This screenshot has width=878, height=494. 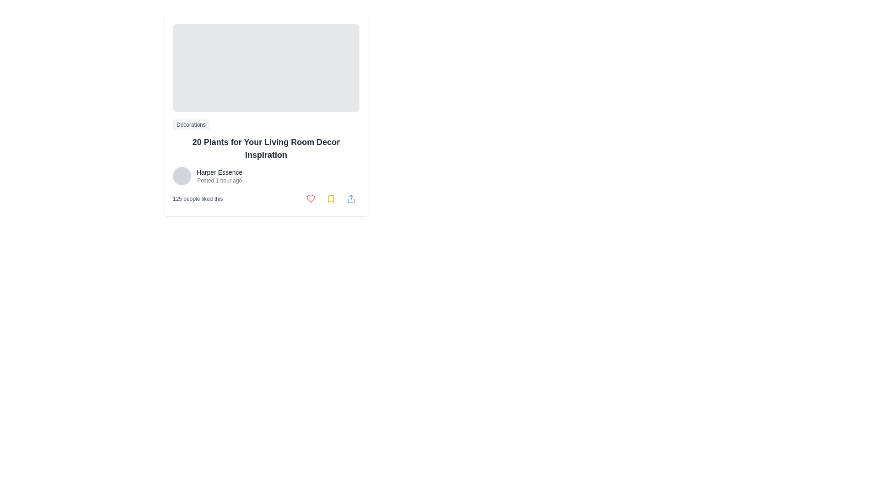 I want to click on the Information display block that shows the username and timestamp of the post, so click(x=219, y=176).